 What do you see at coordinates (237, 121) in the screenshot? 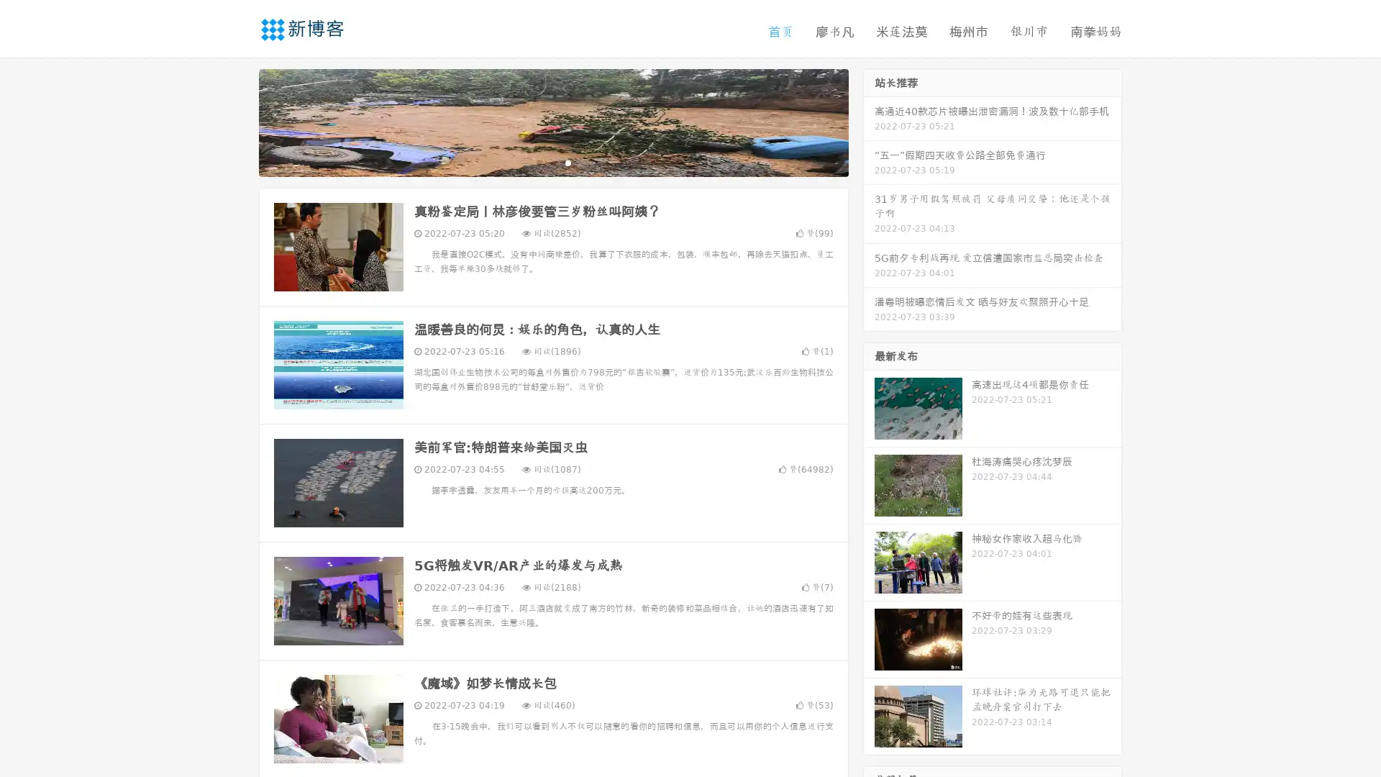
I see `Previous slide` at bounding box center [237, 121].